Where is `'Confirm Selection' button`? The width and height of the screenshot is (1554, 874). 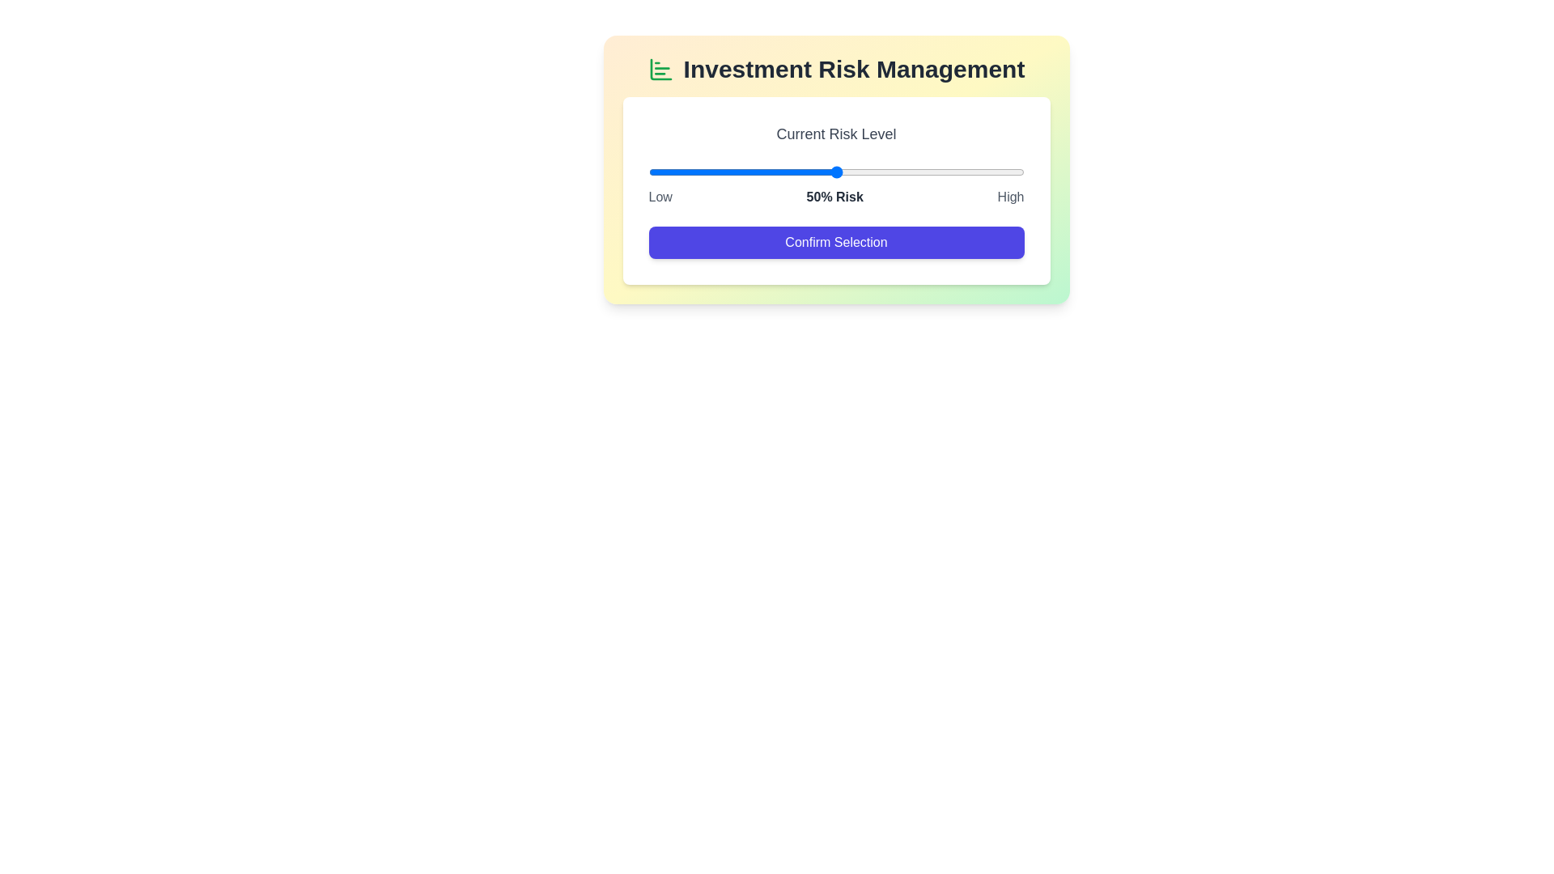 'Confirm Selection' button is located at coordinates (836, 243).